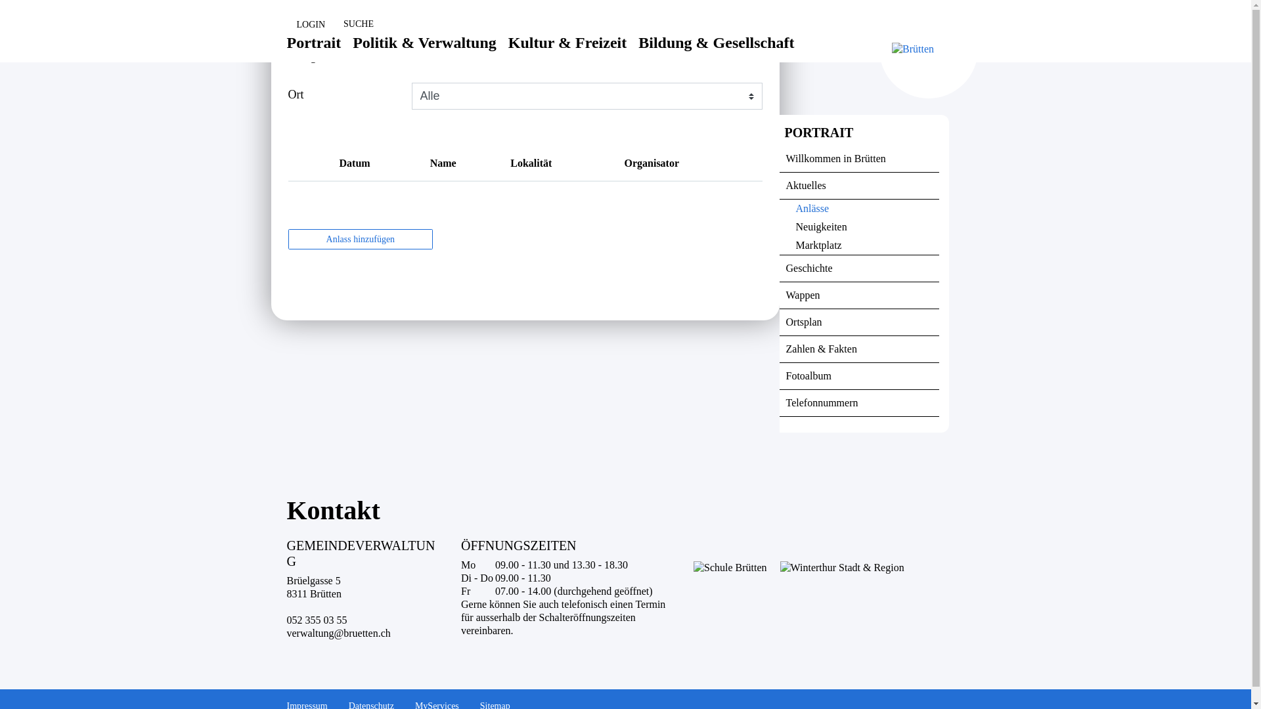 This screenshot has width=1261, height=709. Describe the element at coordinates (858, 295) in the screenshot. I see `'Wappen'` at that location.